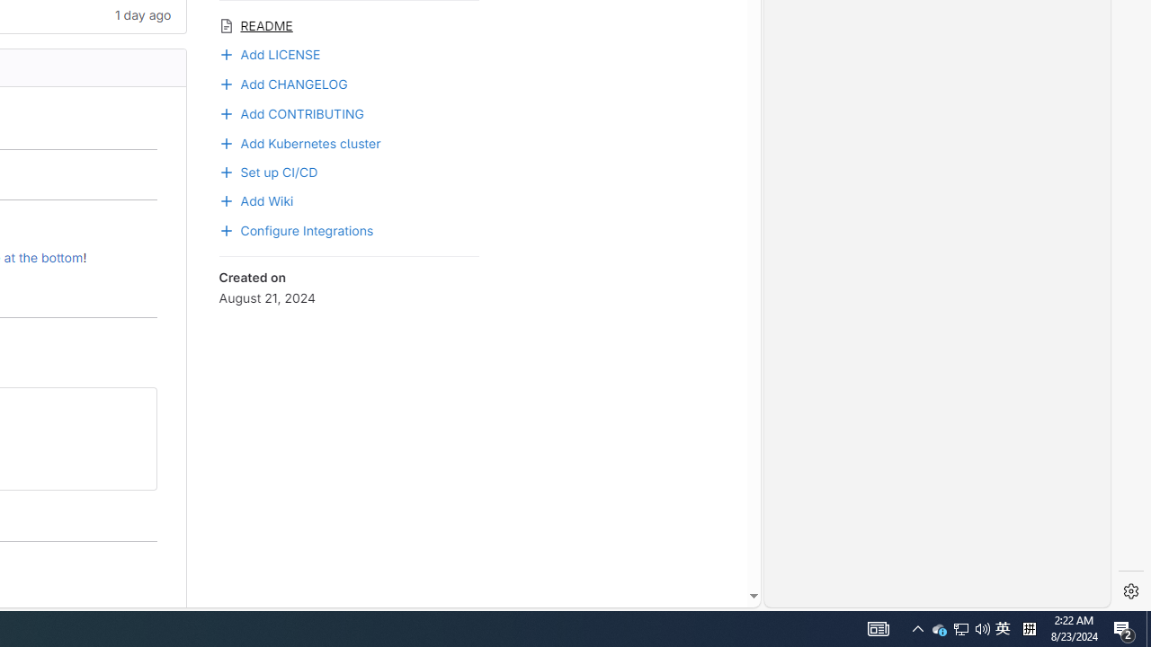  I want to click on 'Add CHANGELOG', so click(281, 82).